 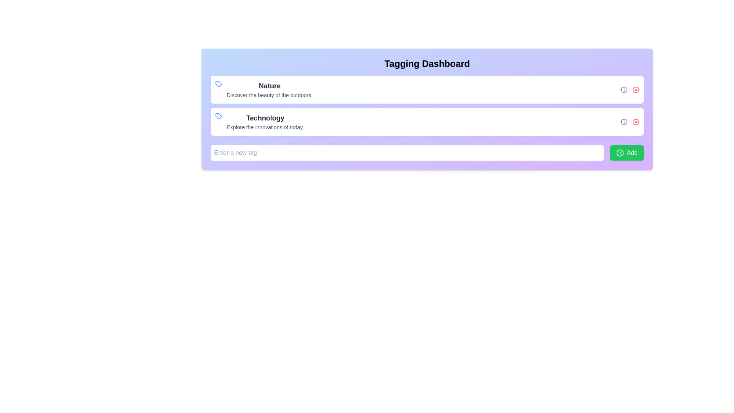 What do you see at coordinates (620, 153) in the screenshot?
I see `the circular icon within the green 'Add' button located at the bottom-right of the visible card interface` at bounding box center [620, 153].